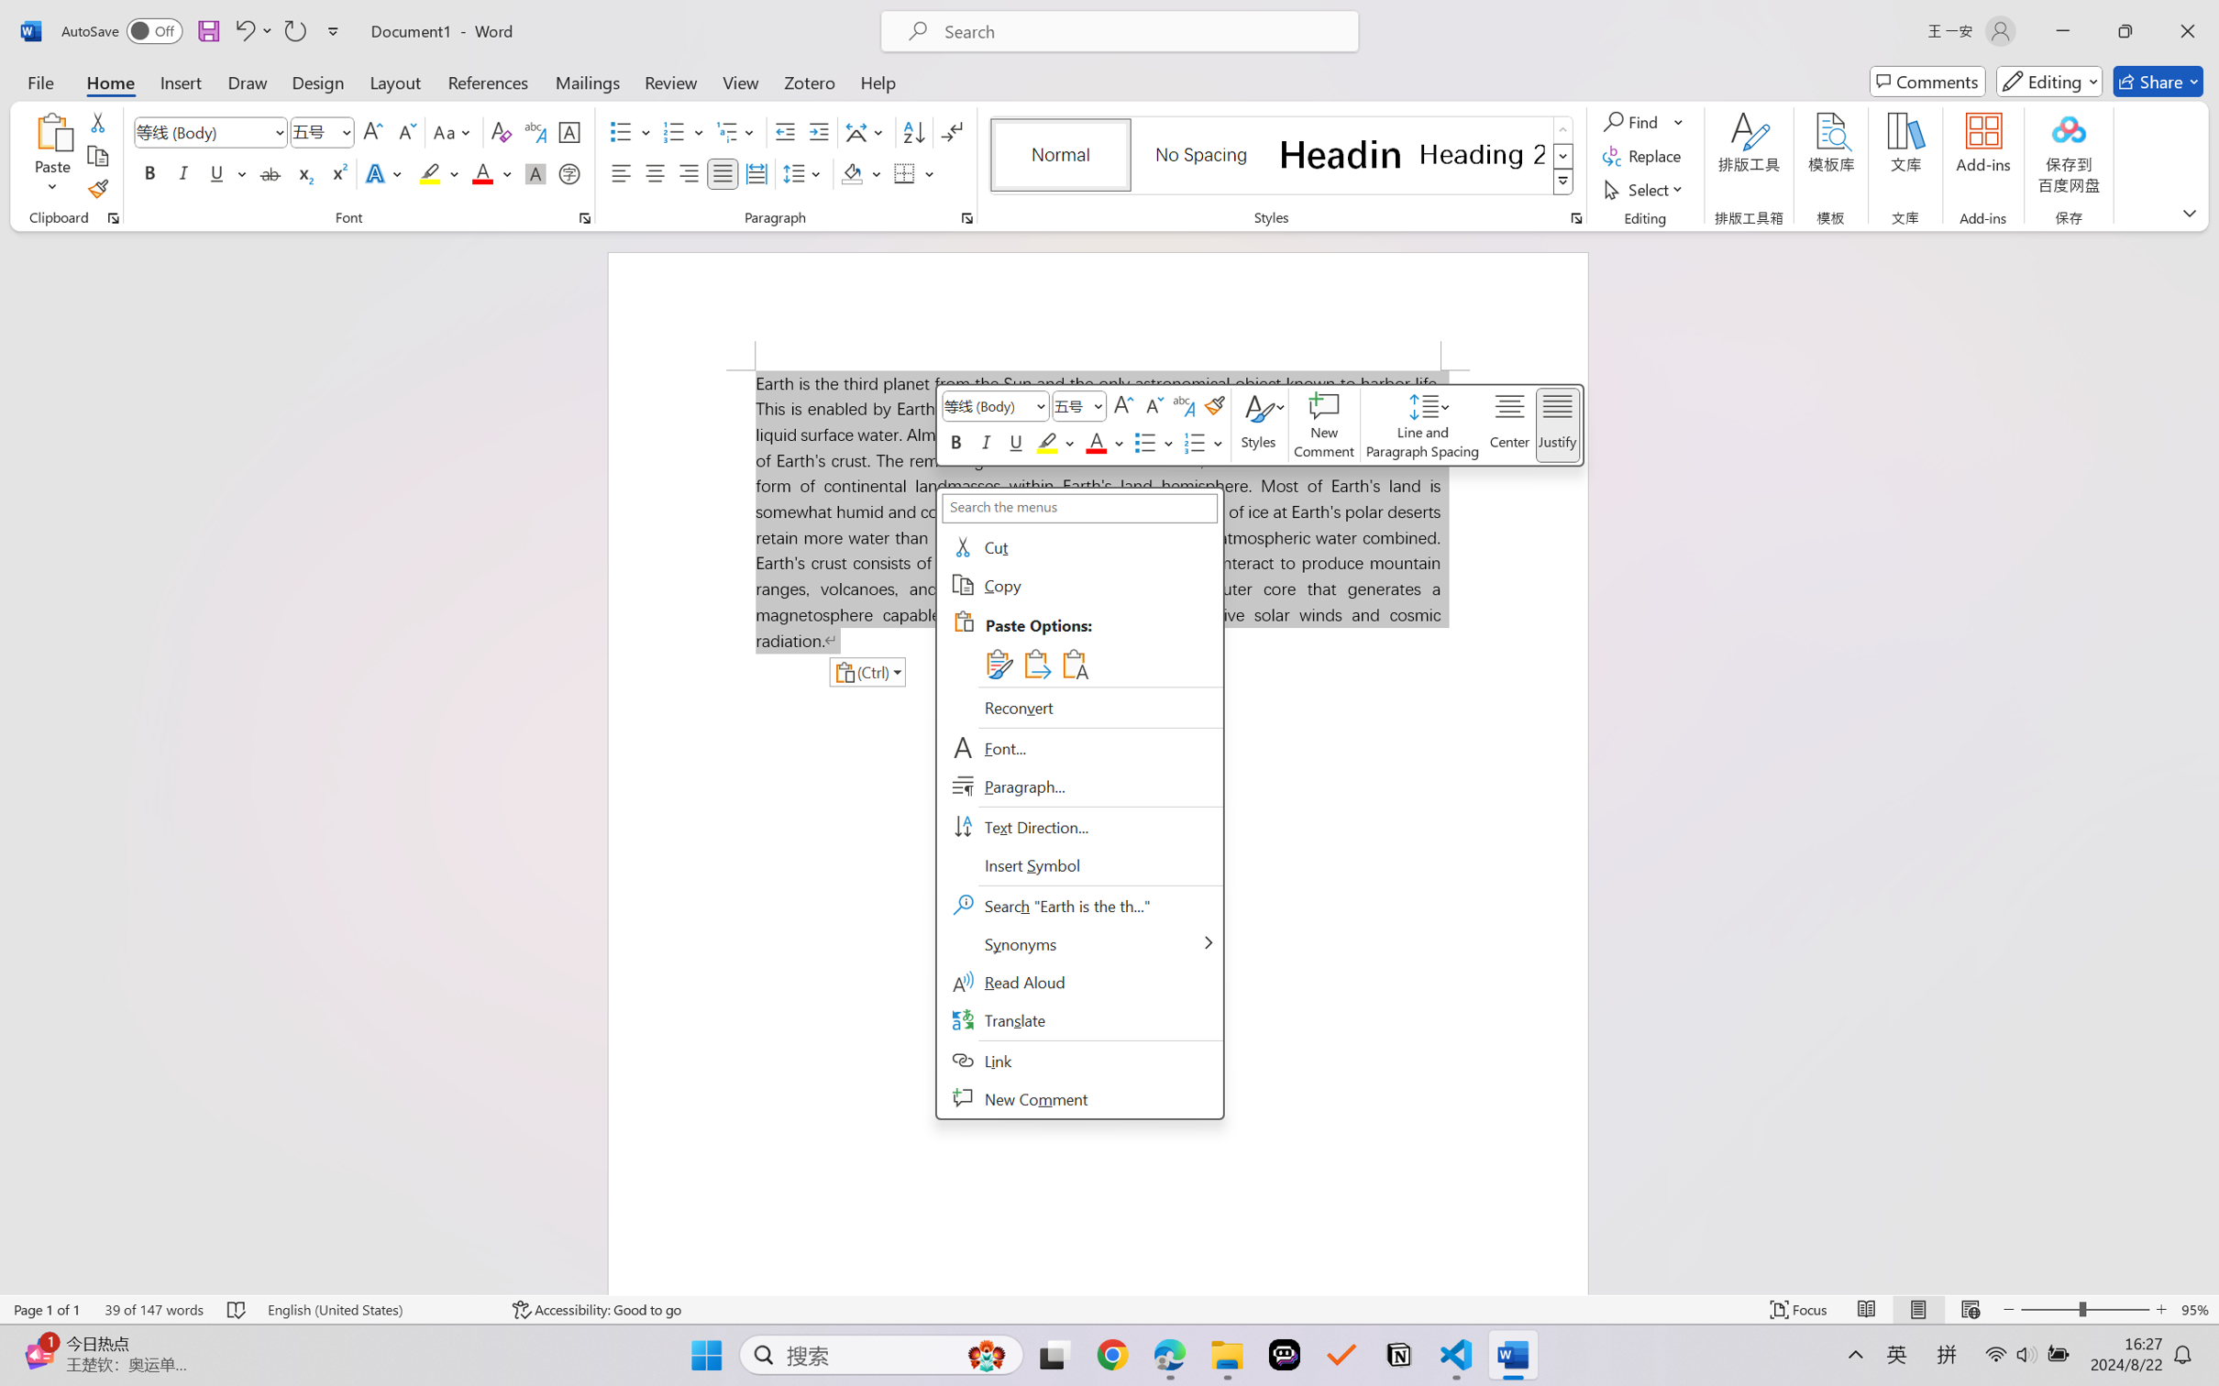 Image resolution: width=2219 pixels, height=1386 pixels. I want to click on 'Align Left', so click(621, 172).